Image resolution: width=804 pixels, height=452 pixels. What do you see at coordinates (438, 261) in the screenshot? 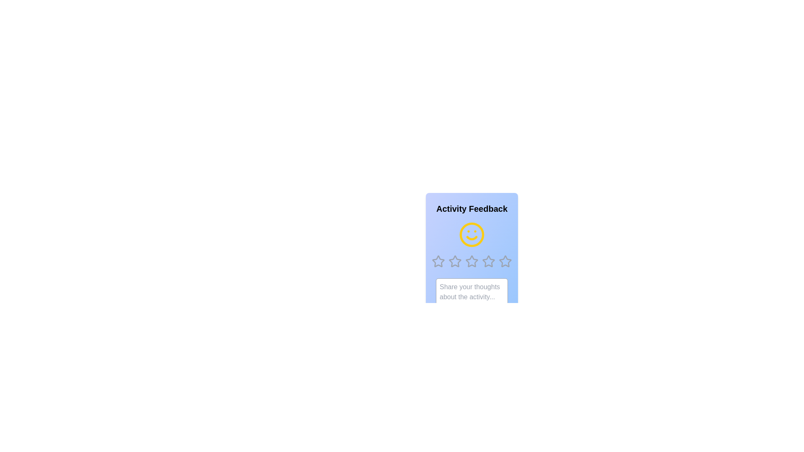
I see `first star icon in the rating system for accessibility purposes` at bounding box center [438, 261].